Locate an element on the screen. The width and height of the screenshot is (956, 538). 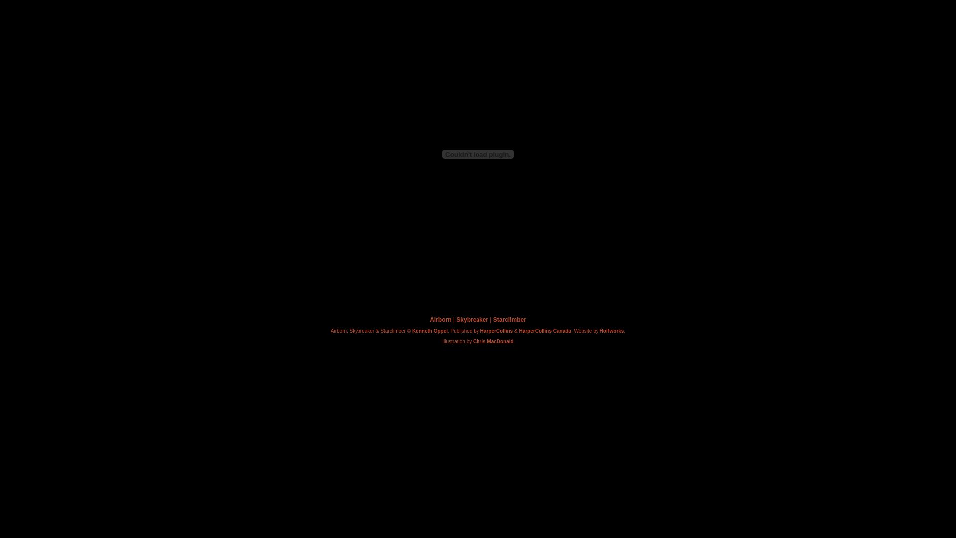
'Skybreaker' is located at coordinates (472, 319).